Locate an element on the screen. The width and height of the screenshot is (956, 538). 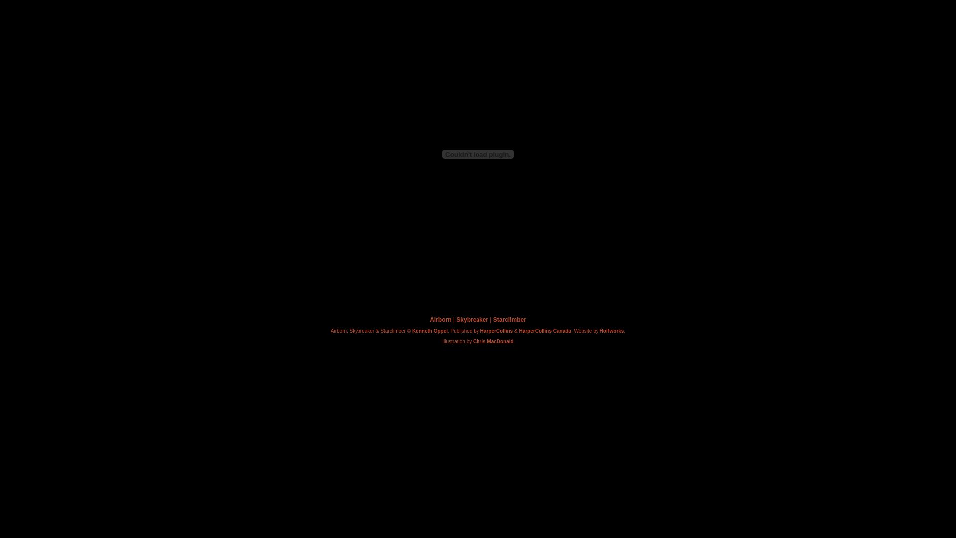
'Skybreaker' is located at coordinates (472, 319).